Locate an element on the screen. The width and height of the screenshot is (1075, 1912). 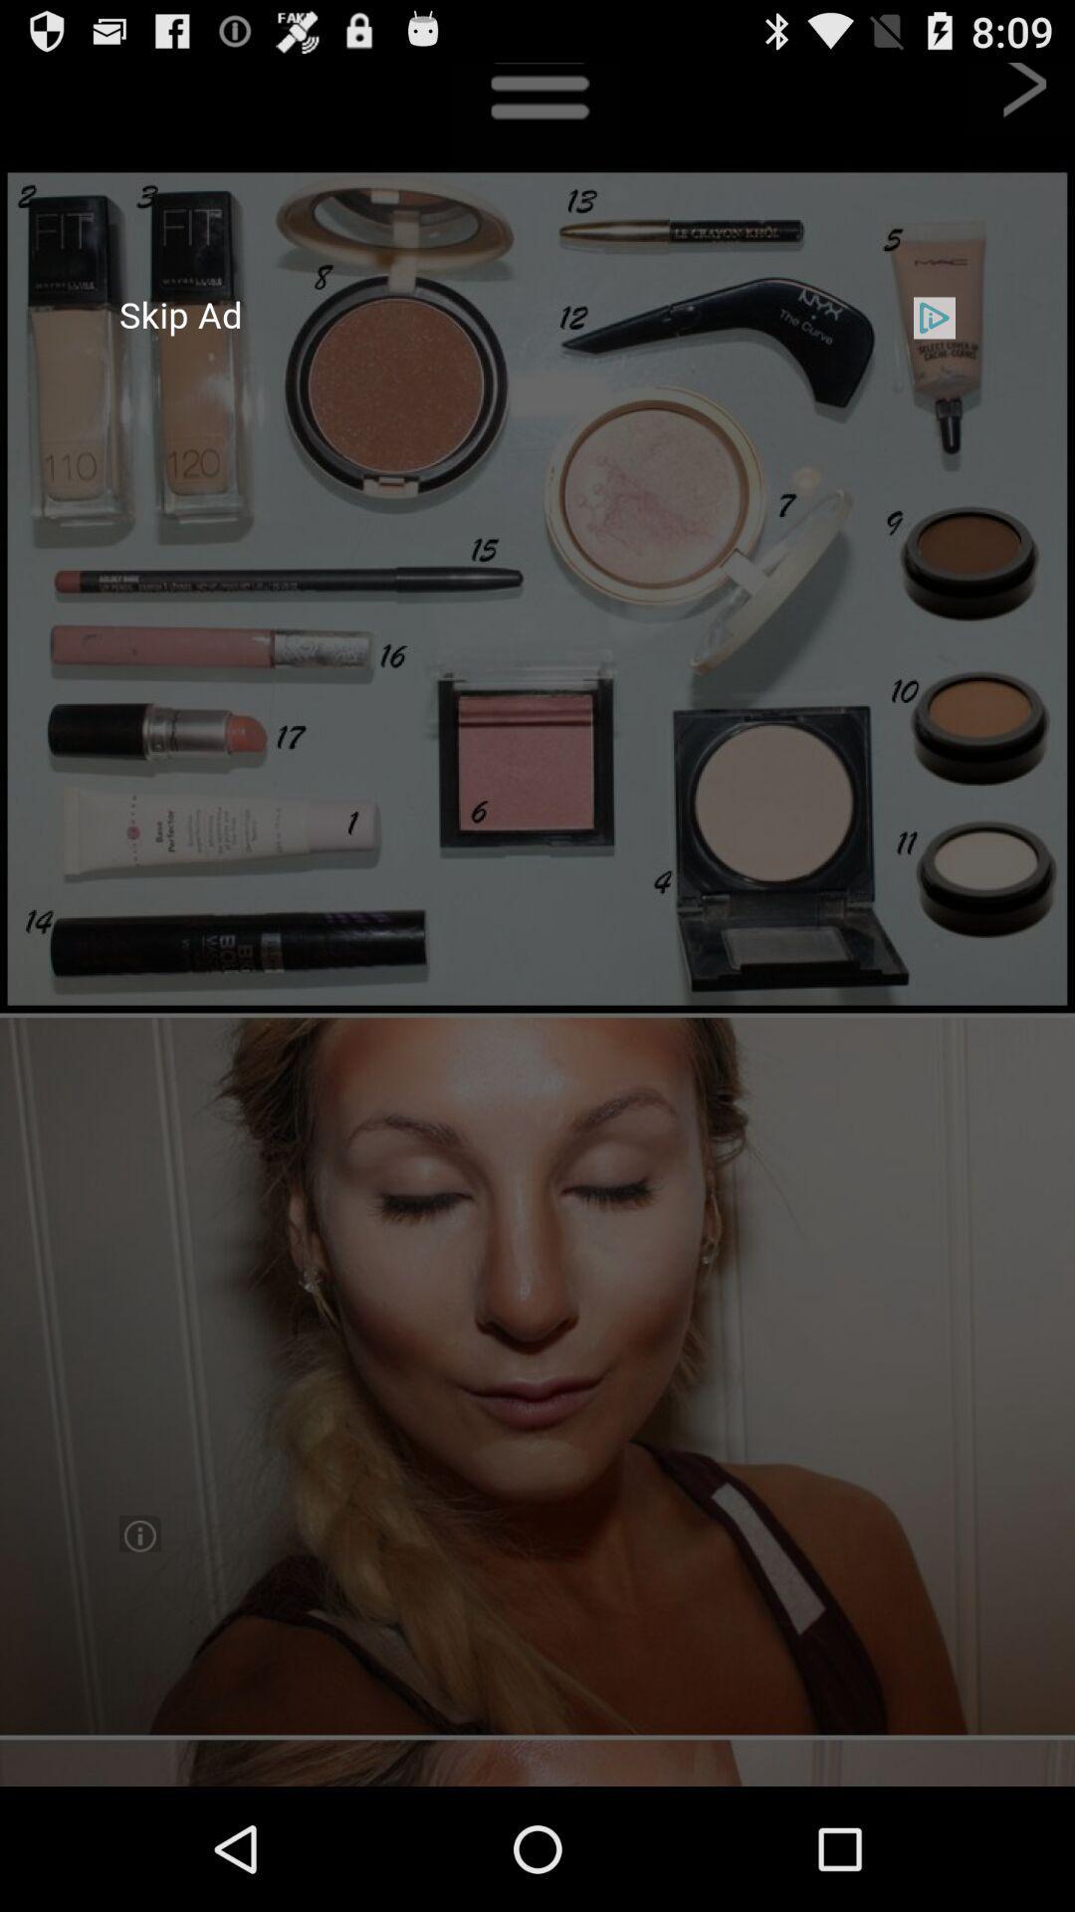
skip advertisement is located at coordinates (537, 923).